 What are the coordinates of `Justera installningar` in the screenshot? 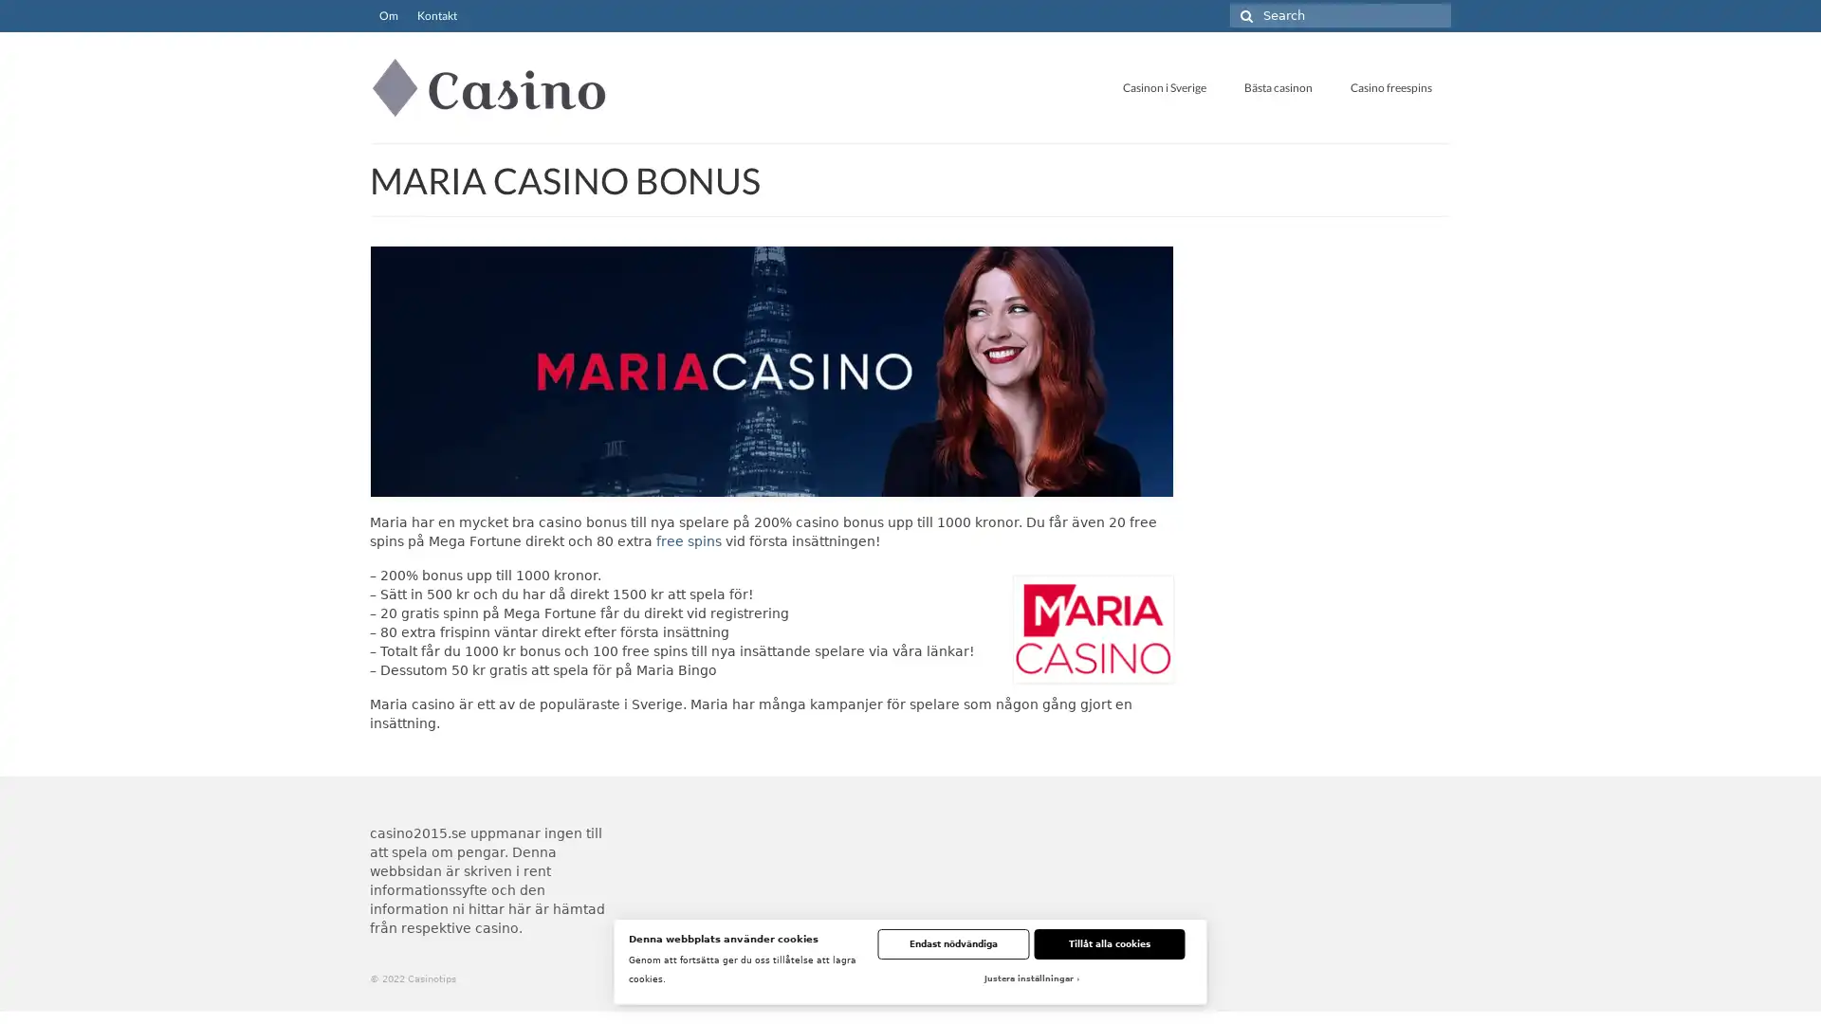 It's located at (1029, 979).